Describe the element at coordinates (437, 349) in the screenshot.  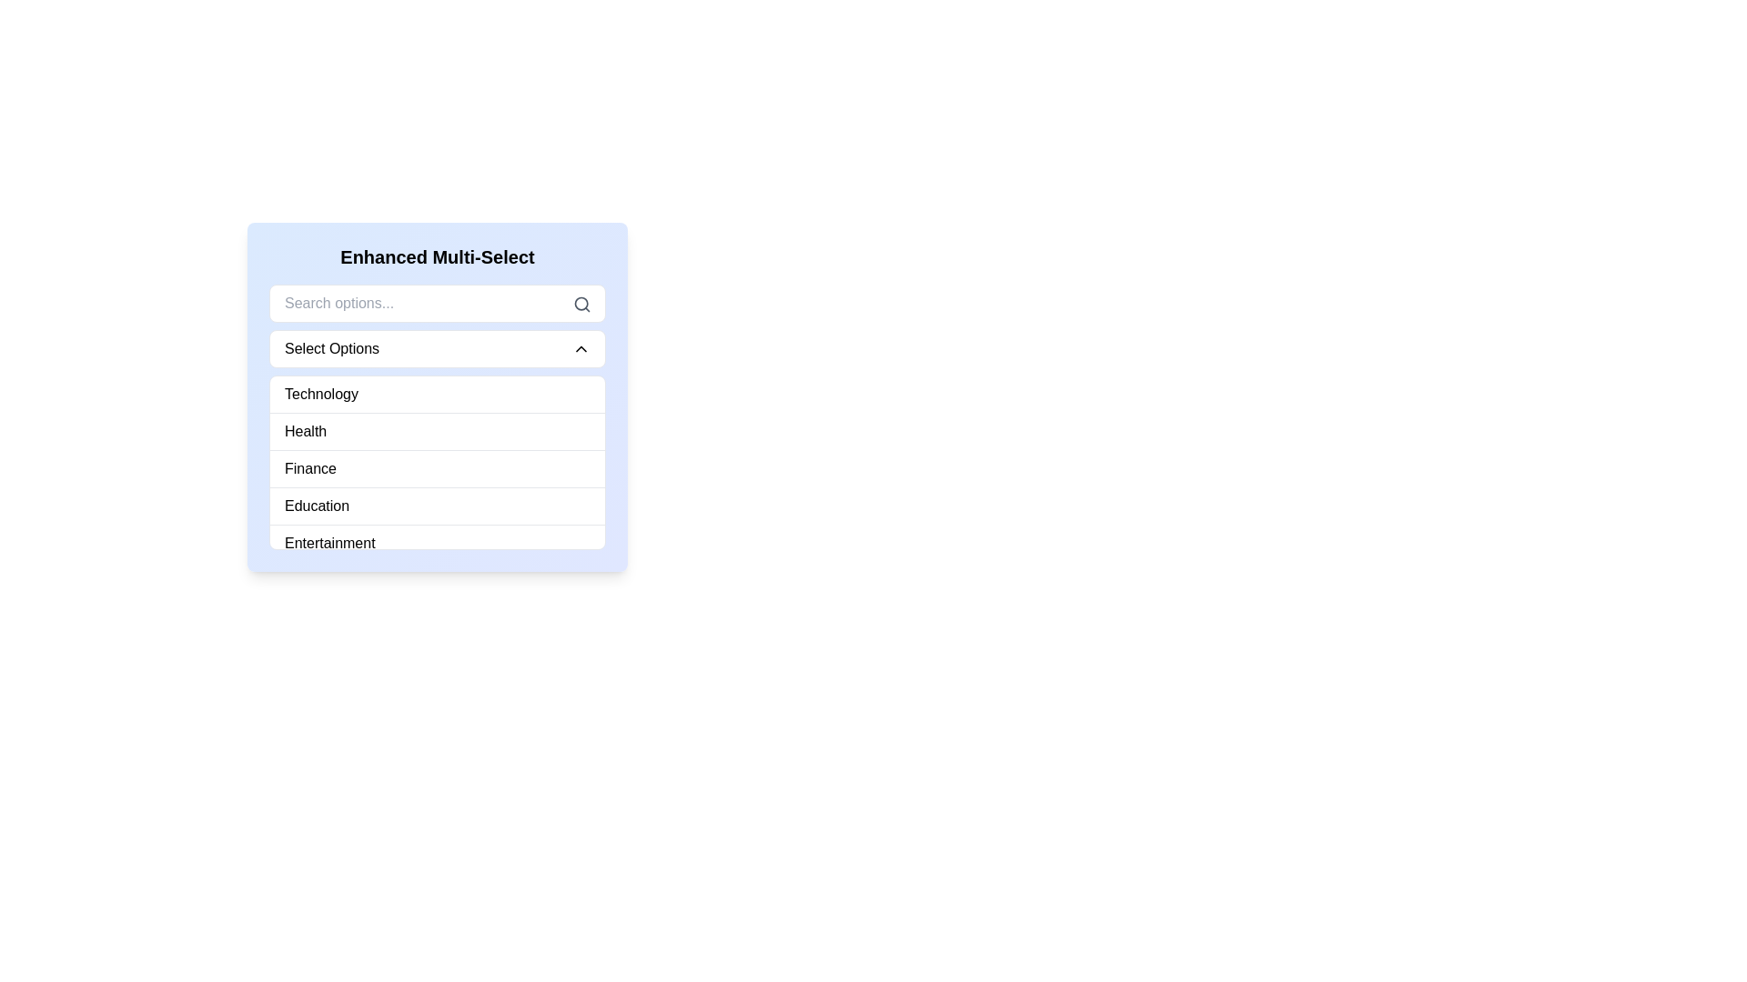
I see `the Dropdown menu toggle button labeled 'Select Options'` at that location.